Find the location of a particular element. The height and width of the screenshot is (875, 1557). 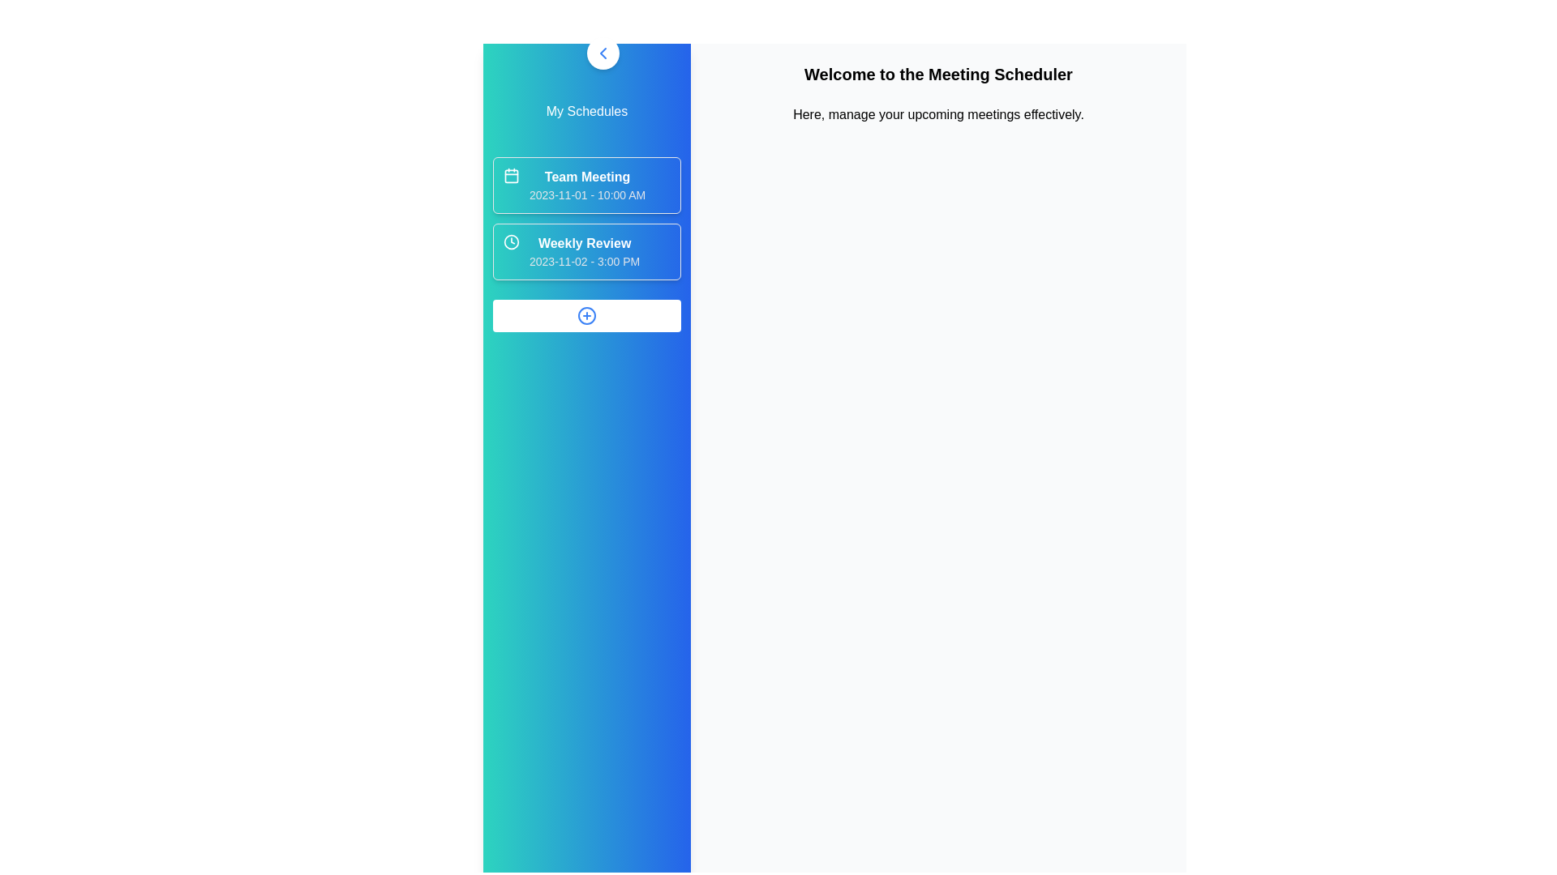

the 'Add' button to create a new schedule is located at coordinates (586, 315).